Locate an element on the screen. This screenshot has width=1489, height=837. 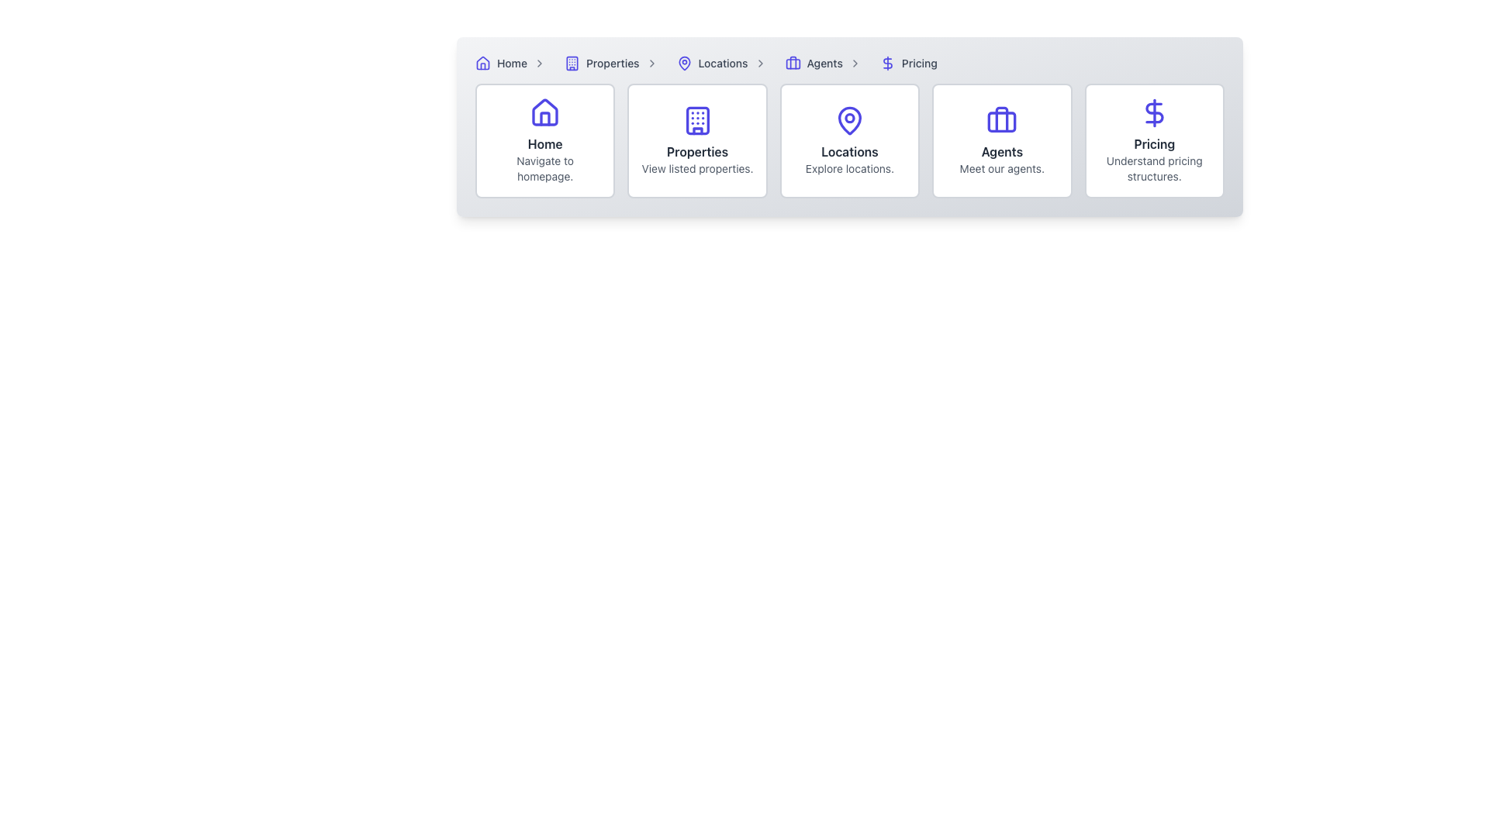
the button with a white background, gray border, blue house icon, and text 'Home' and 'Navigate to homepage.' is located at coordinates (545, 140).